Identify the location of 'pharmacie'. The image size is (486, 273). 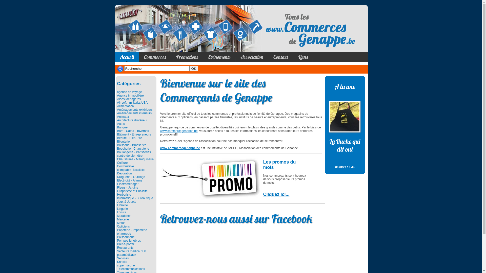
(124, 234).